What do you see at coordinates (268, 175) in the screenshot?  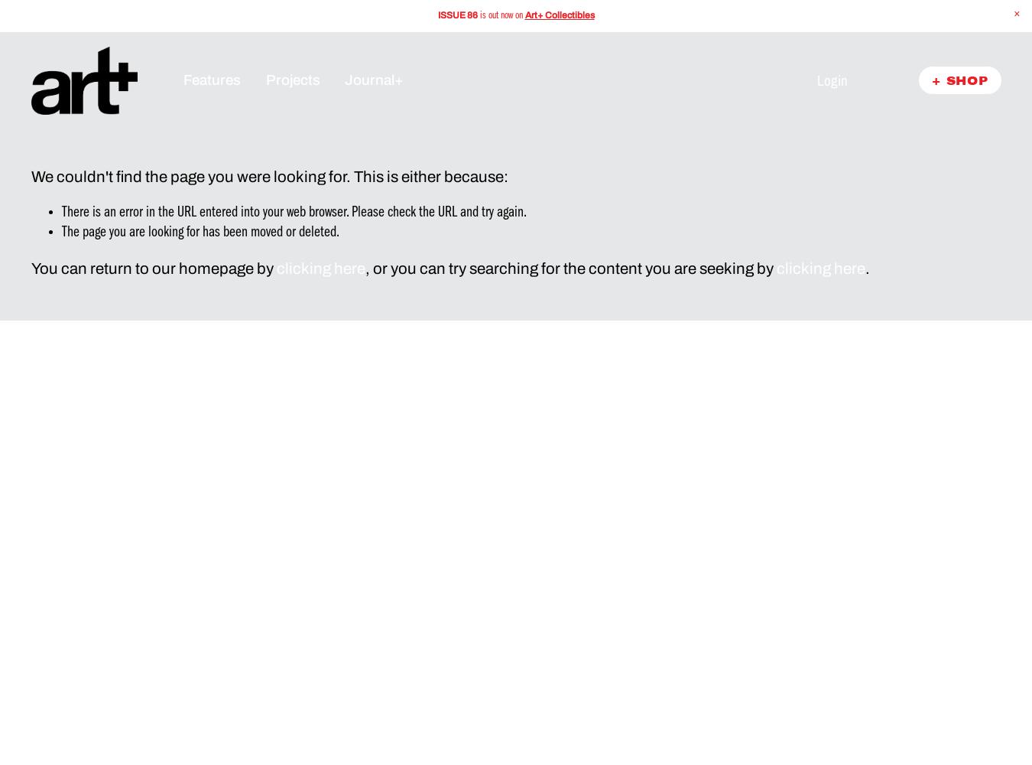 I see `'We couldn't find the page you were looking for. This is either because:'` at bounding box center [268, 175].